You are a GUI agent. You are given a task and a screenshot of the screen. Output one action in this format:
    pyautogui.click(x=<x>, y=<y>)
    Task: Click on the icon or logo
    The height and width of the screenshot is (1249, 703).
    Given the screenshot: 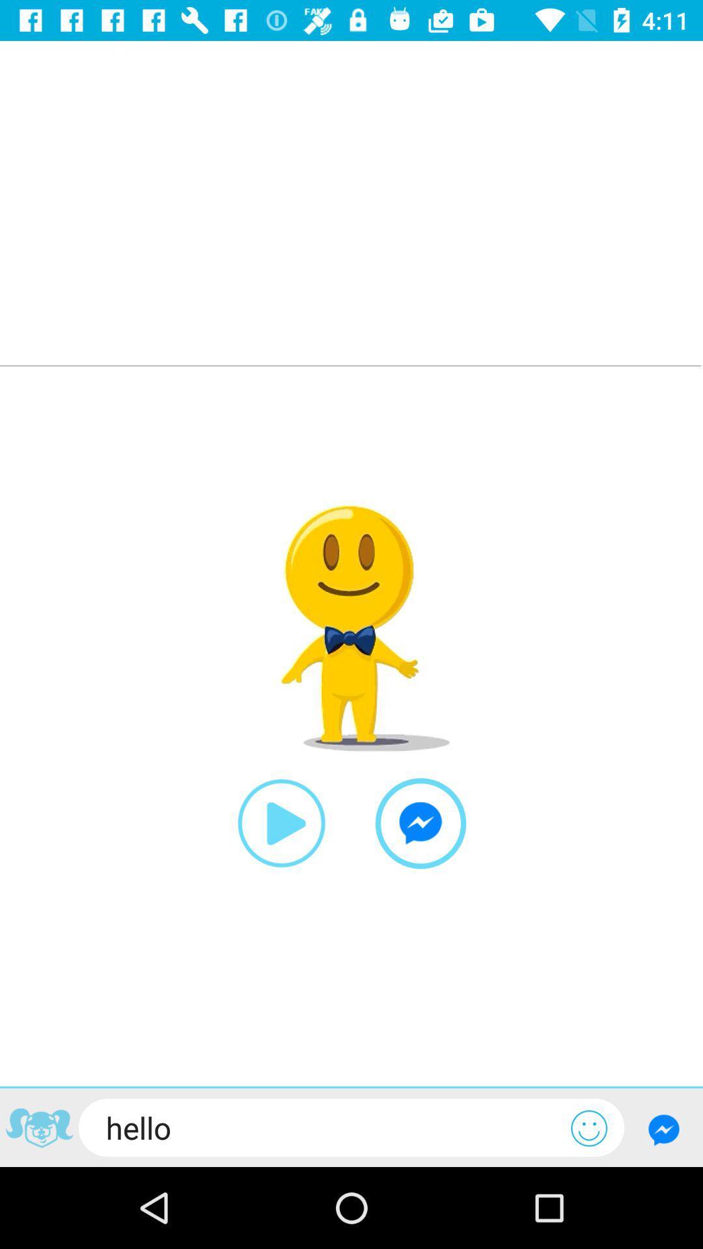 What is the action you would take?
    pyautogui.click(x=38, y=1129)
    